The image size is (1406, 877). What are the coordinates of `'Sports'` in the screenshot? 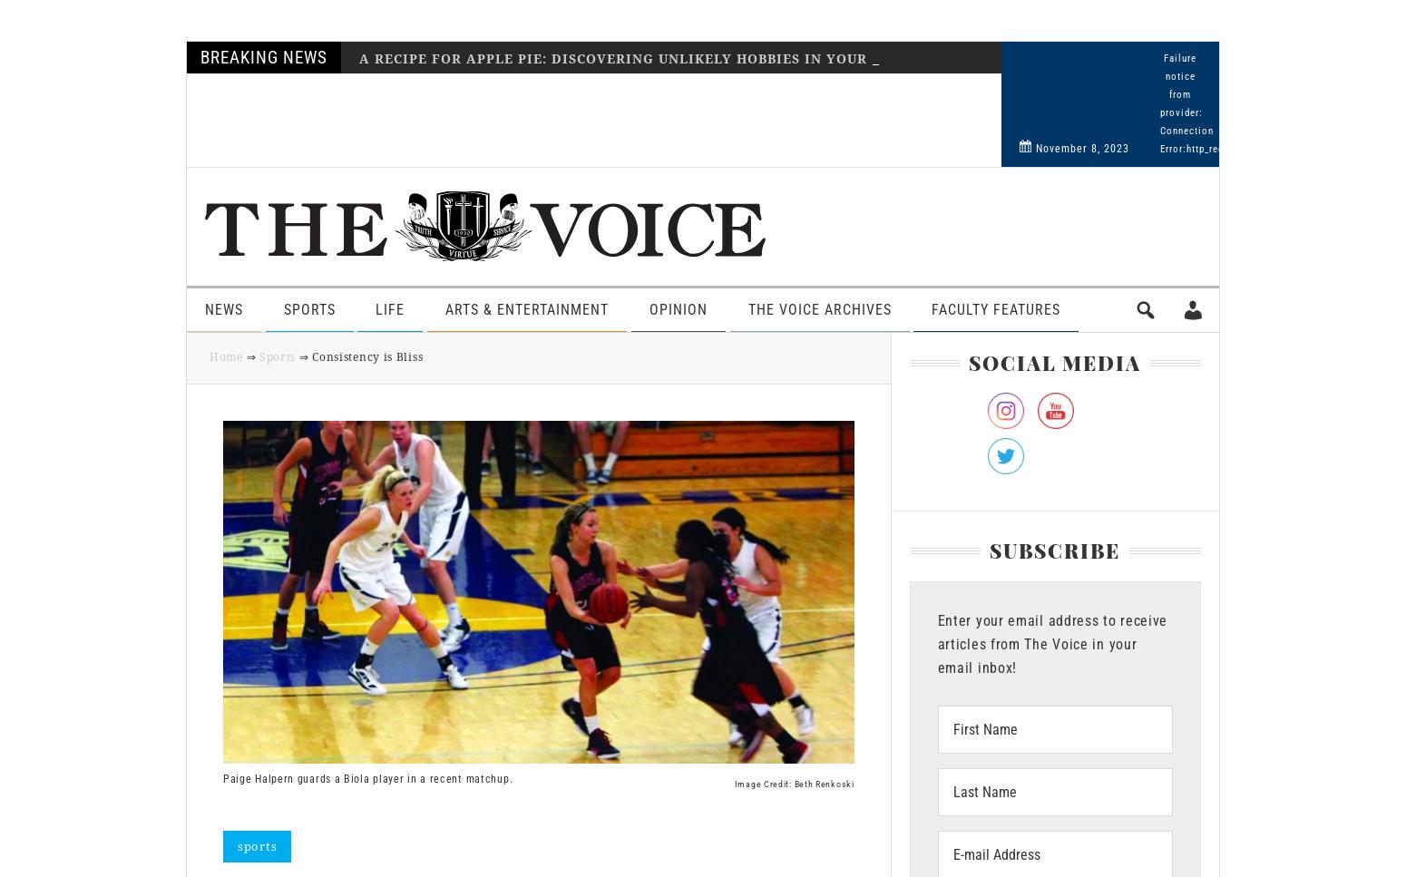 It's located at (282, 308).